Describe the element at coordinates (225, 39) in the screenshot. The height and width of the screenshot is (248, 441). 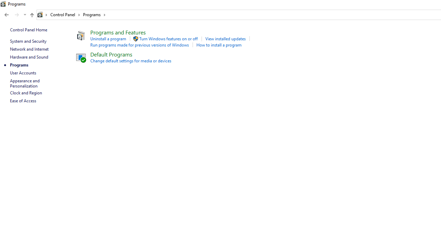
I see `'View installed updates'` at that location.